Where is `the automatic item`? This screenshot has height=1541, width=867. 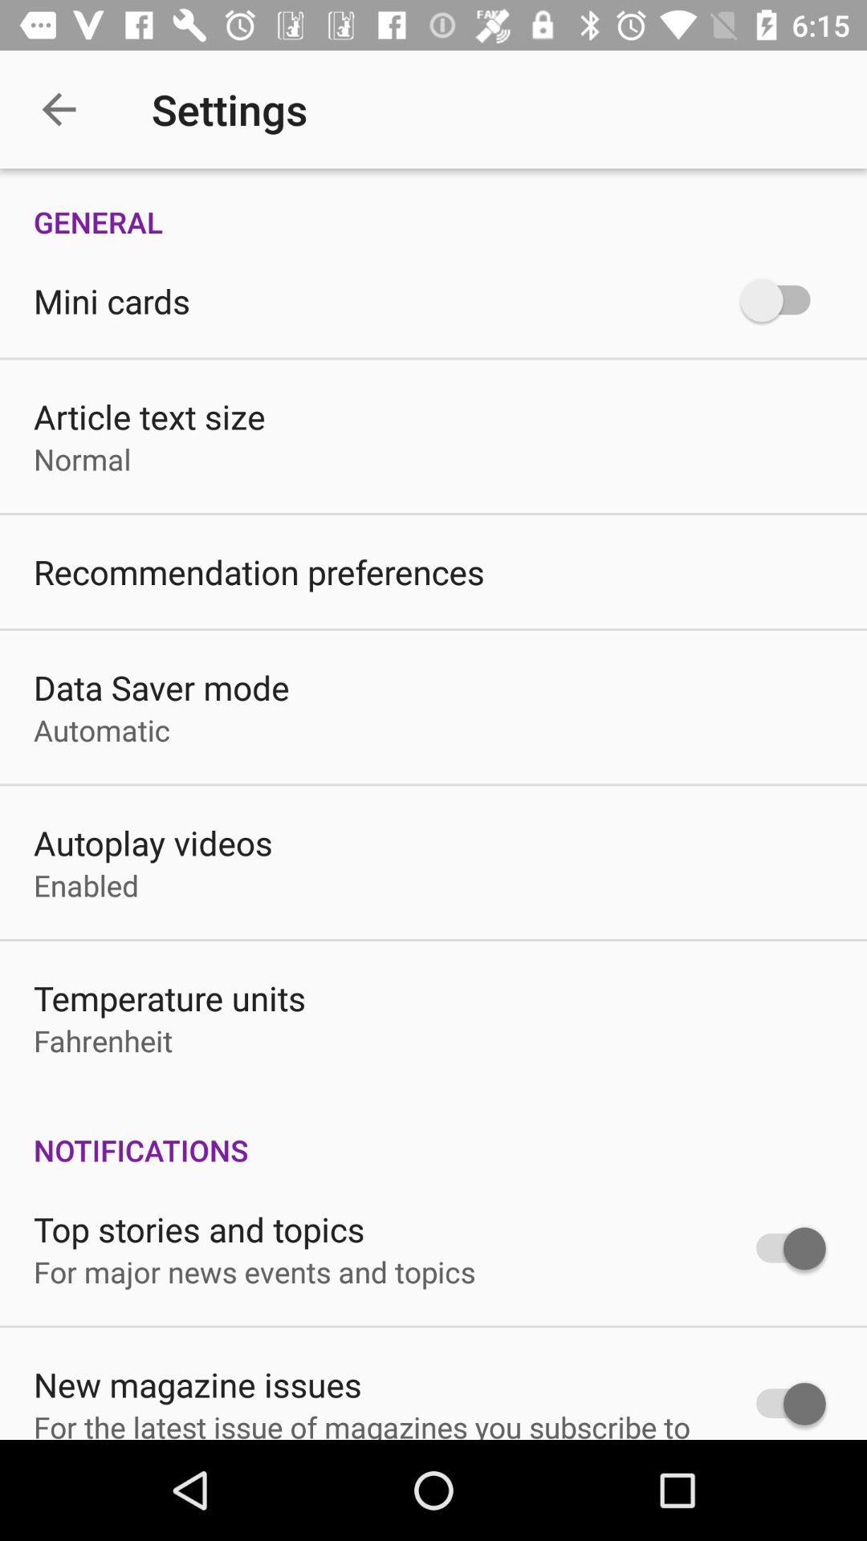
the automatic item is located at coordinates (102, 729).